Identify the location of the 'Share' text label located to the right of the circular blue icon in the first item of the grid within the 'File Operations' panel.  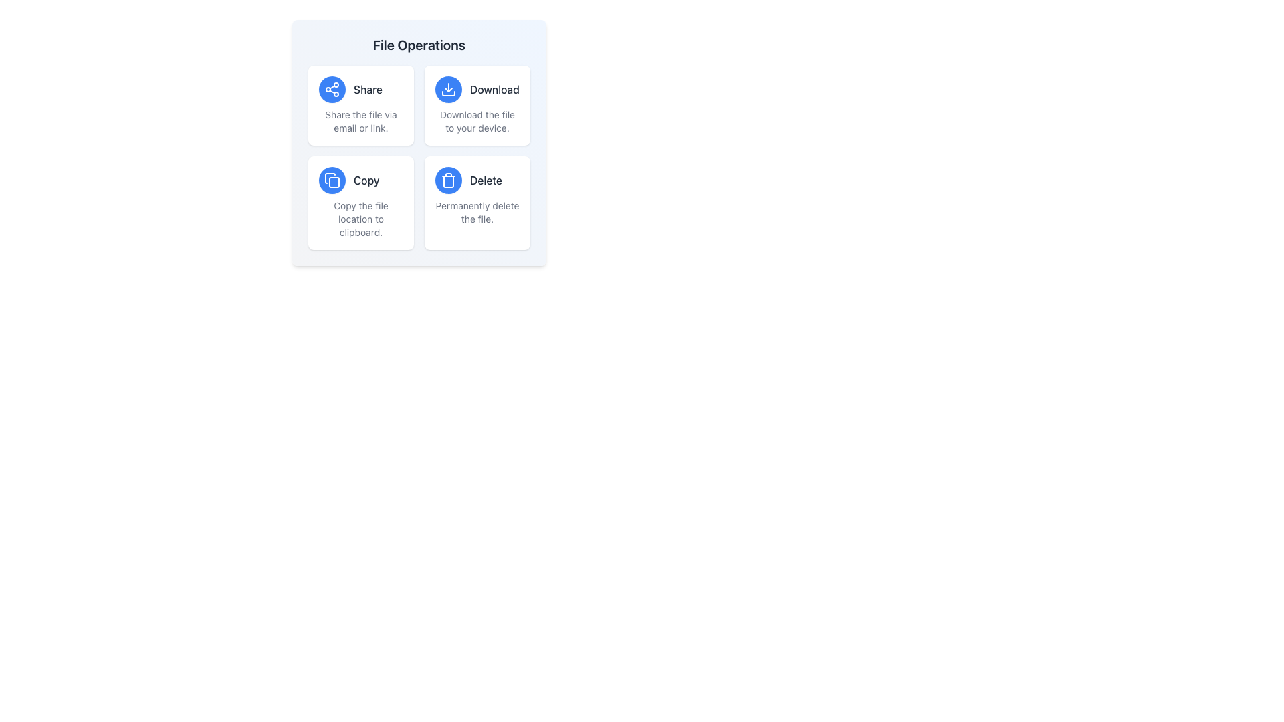
(368, 90).